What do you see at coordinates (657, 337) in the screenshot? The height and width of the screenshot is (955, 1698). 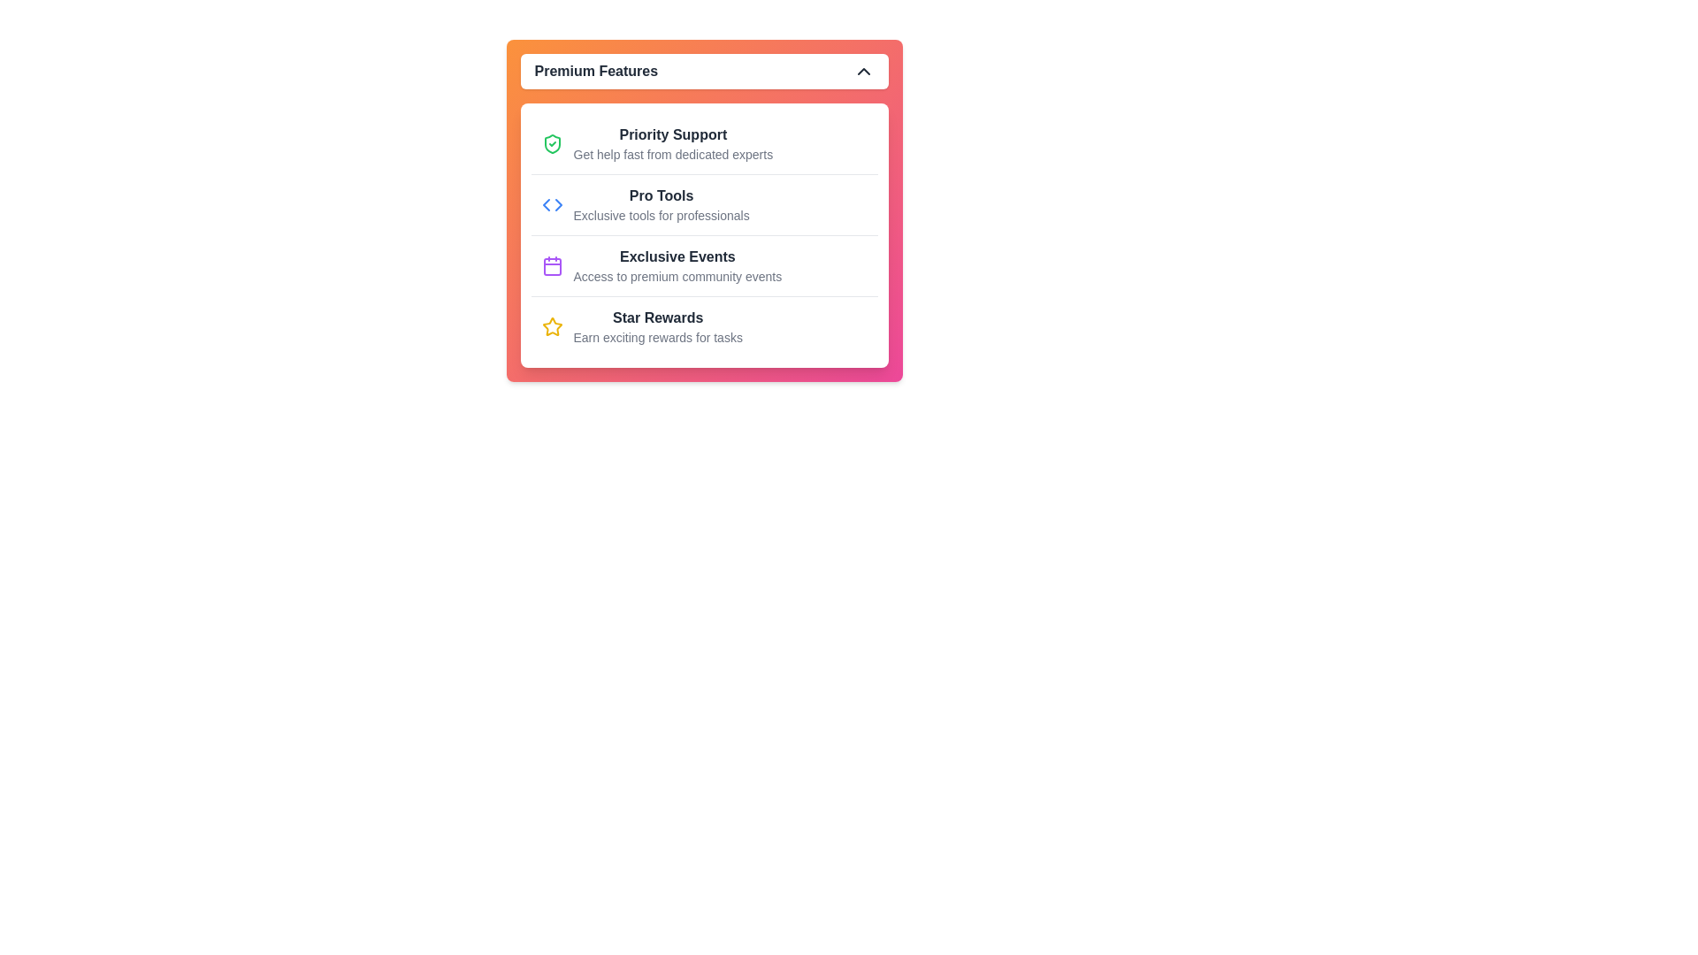 I see `text label that says 'Earn exciting rewards for tasks.' which is positioned below the 'Star Rewards' heading in the 'Premium Features' section` at bounding box center [657, 337].